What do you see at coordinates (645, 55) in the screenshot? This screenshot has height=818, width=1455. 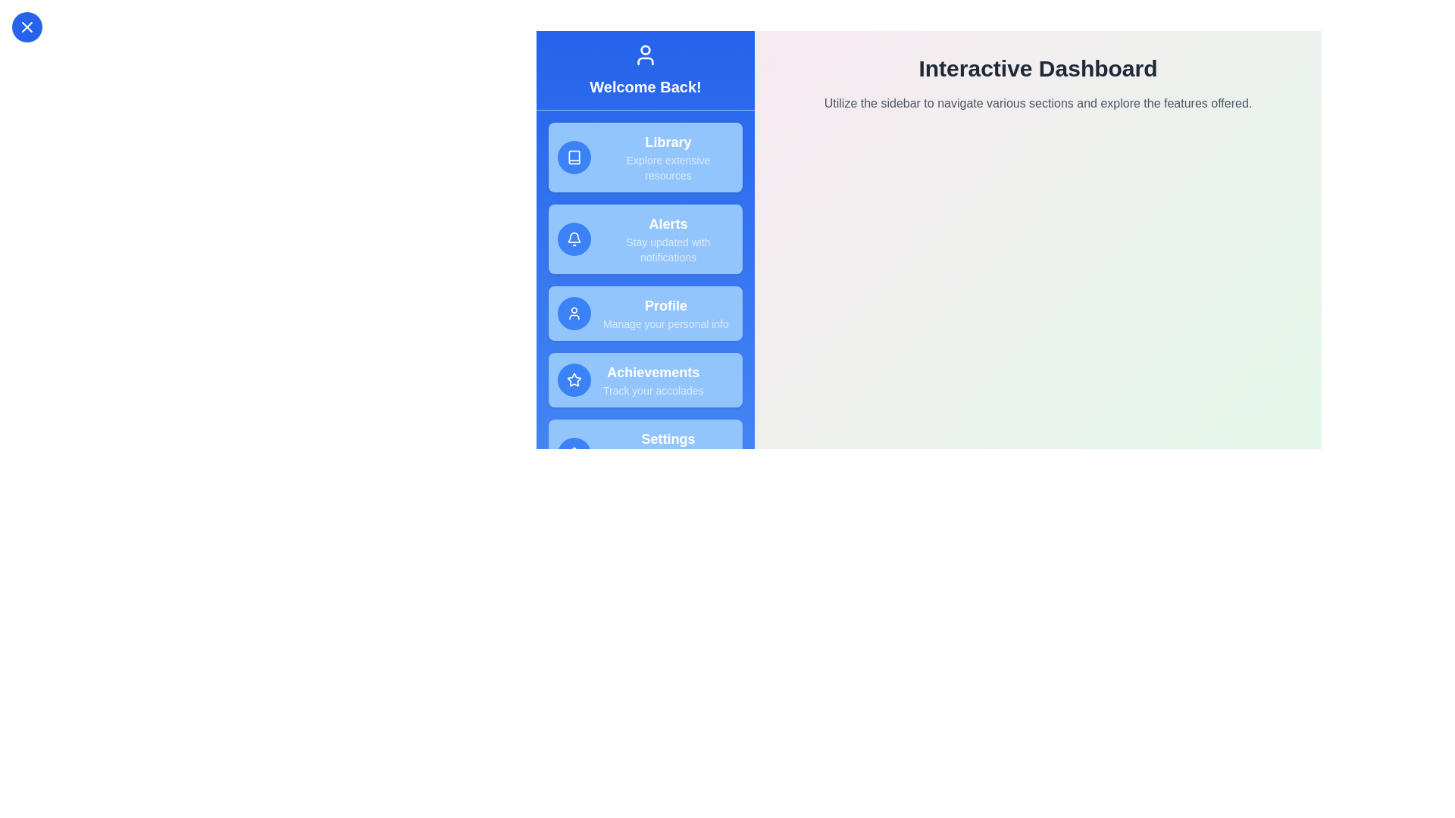 I see `the user icon in the header section of the drawer` at bounding box center [645, 55].